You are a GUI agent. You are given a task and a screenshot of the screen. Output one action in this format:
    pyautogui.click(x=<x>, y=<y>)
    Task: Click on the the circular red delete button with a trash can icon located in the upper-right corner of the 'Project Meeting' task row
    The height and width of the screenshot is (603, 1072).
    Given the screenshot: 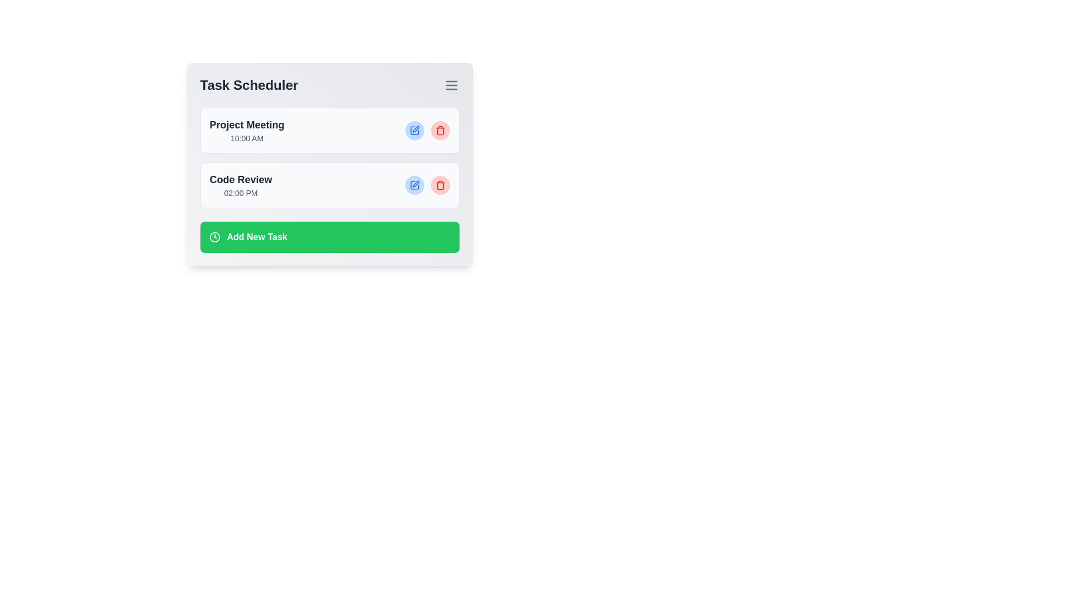 What is the action you would take?
    pyautogui.click(x=439, y=130)
    